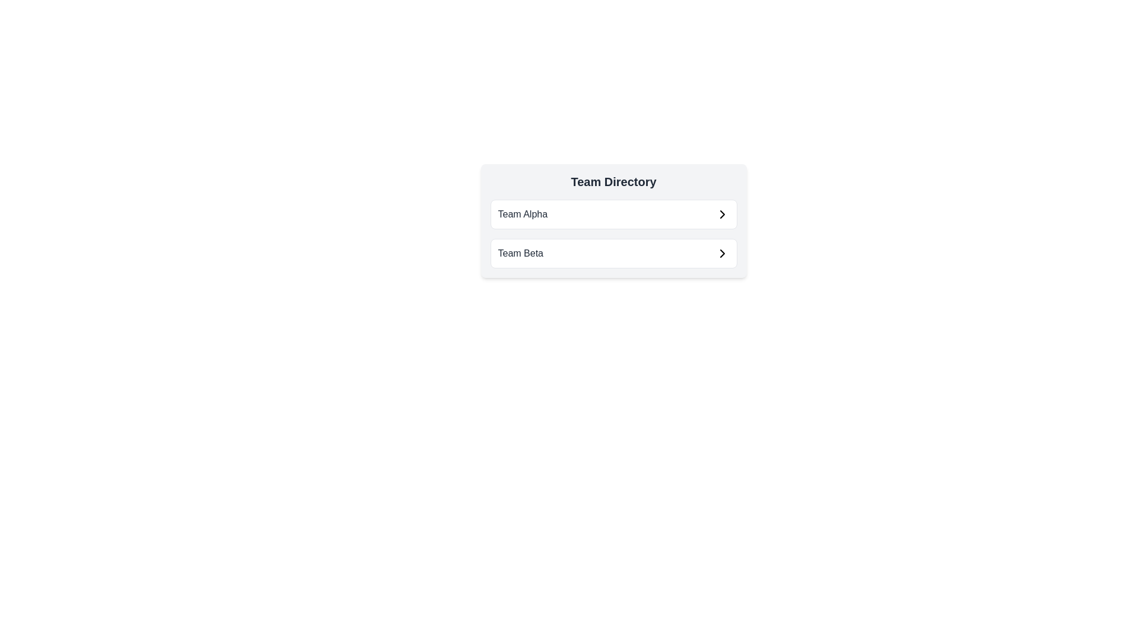  What do you see at coordinates (613, 253) in the screenshot?
I see `the selectable option for 'Team Beta' located in the 'Team Directory' section, which is the second item in a vertical list beneath 'Team Alpha'` at bounding box center [613, 253].